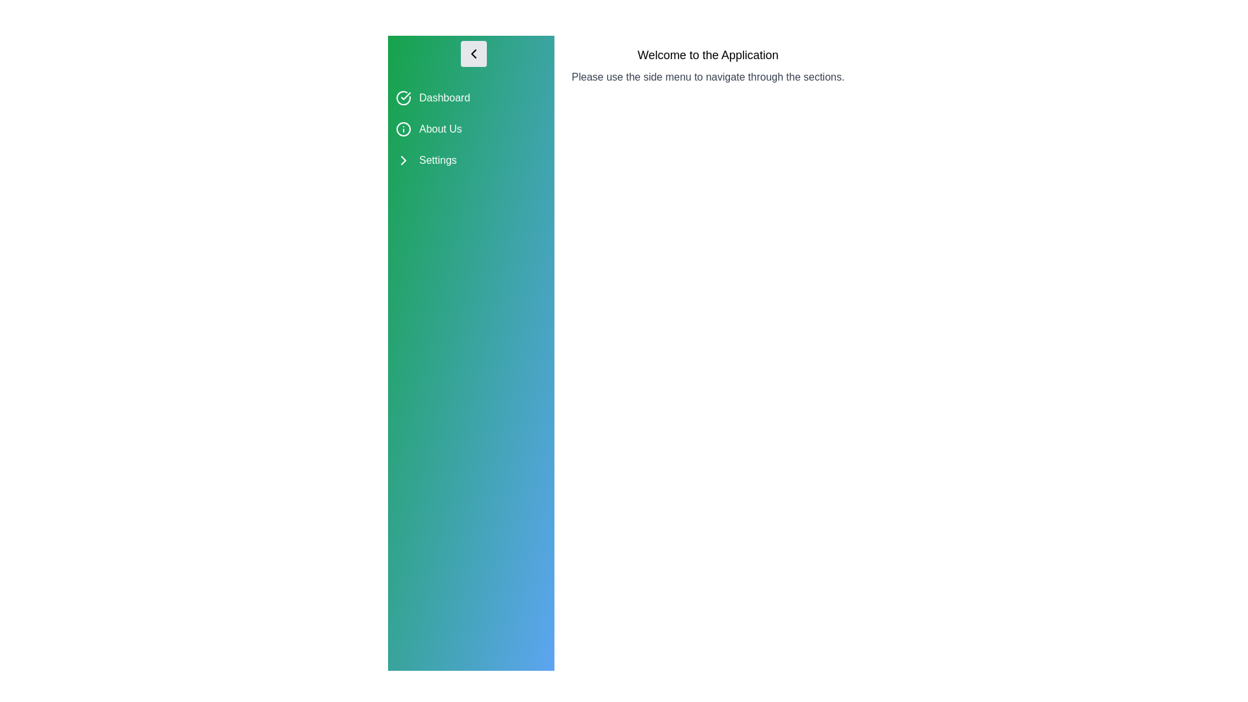  What do you see at coordinates (470, 97) in the screenshot?
I see `the menu item Dashboard to select it` at bounding box center [470, 97].